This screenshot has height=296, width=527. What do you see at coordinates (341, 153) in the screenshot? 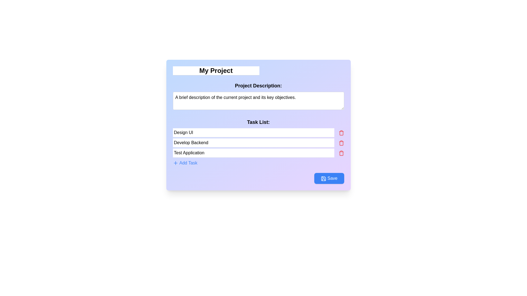
I see `the middle component of the trash can icon, which visually represents the delete operation for associated tasks, located adjacent to the 'Test Application' input field` at bounding box center [341, 153].